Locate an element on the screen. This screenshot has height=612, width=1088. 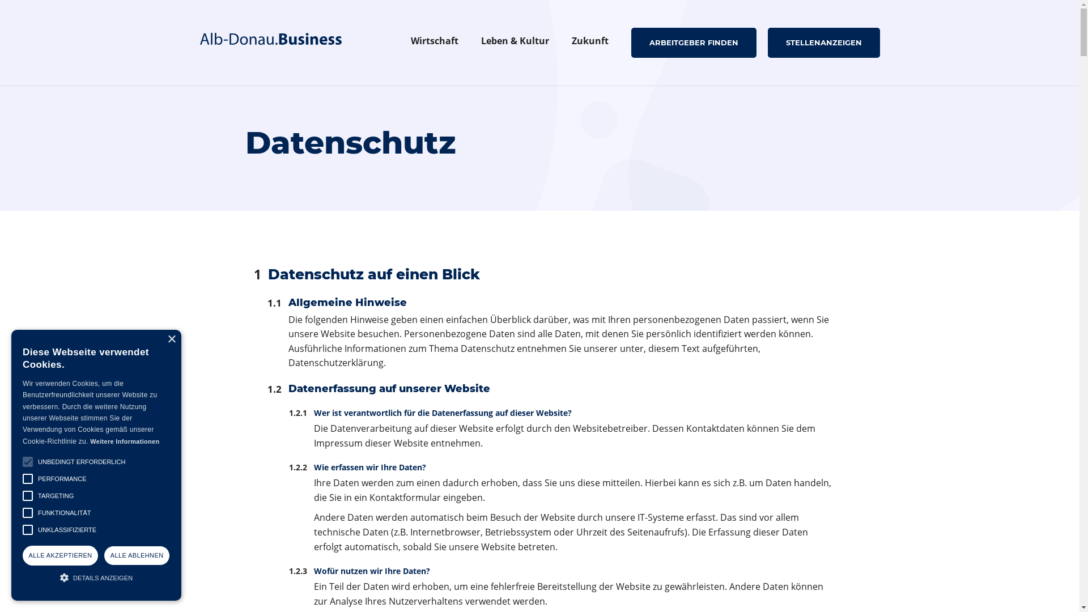
'Zukunft' is located at coordinates (589, 42).